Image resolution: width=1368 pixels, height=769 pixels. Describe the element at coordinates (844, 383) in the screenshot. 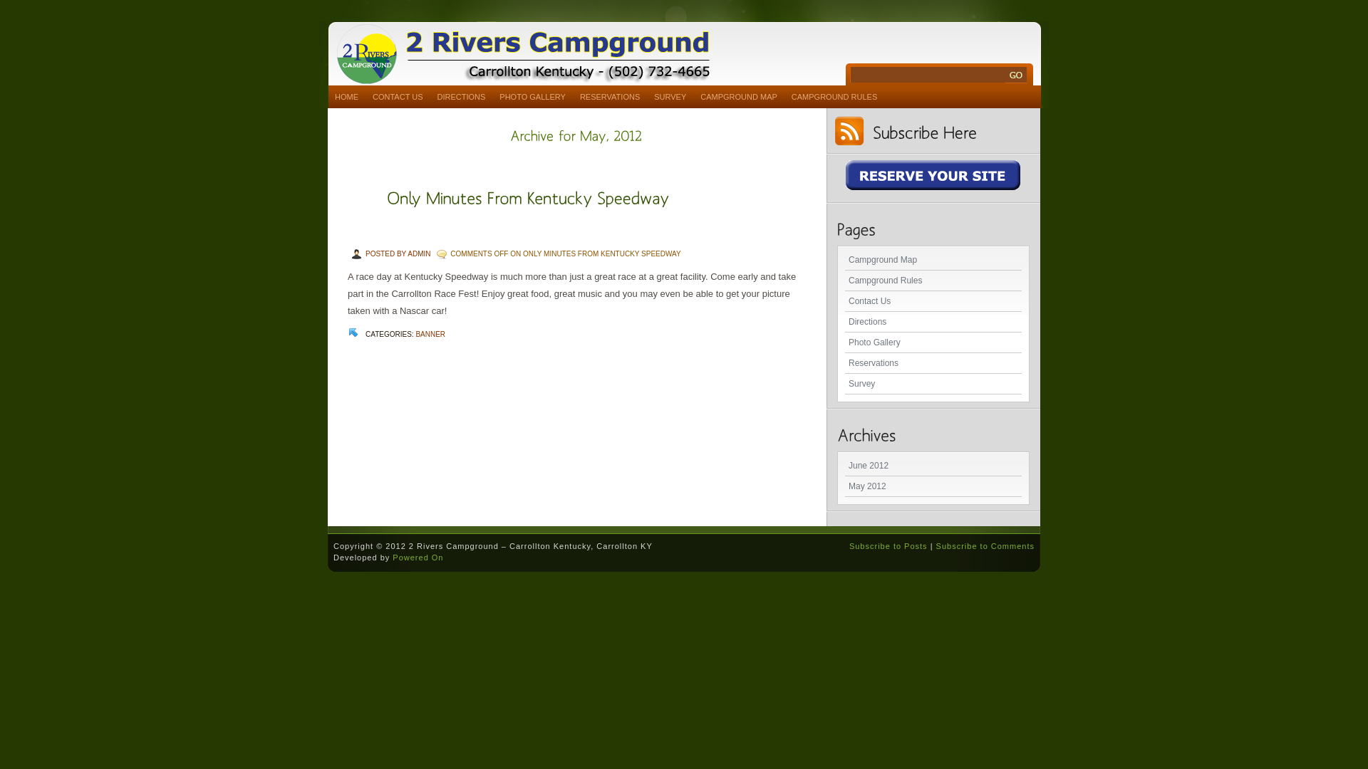

I see `'Survey'` at that location.